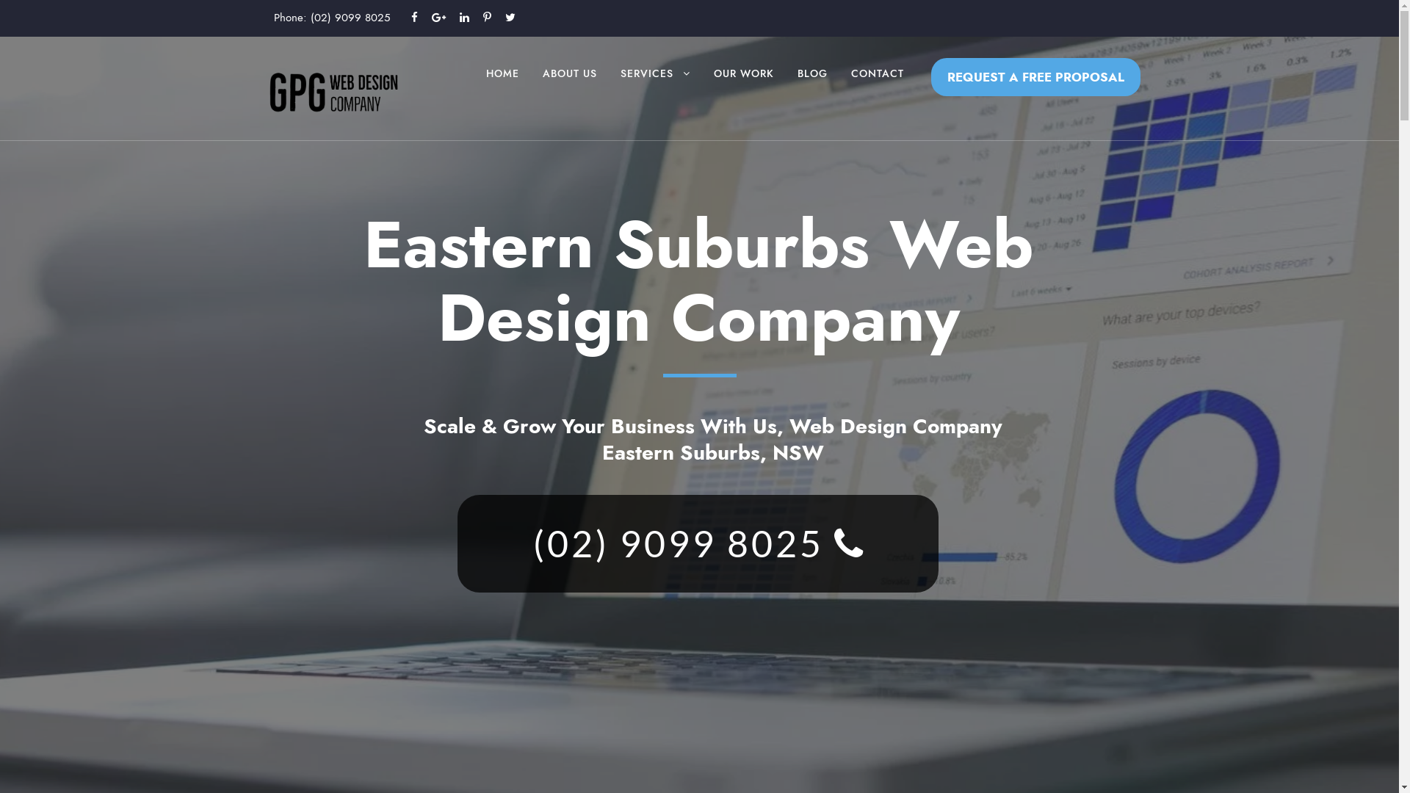 This screenshot has width=1410, height=793. Describe the element at coordinates (438, 17) in the screenshot. I see `'google-plus'` at that location.